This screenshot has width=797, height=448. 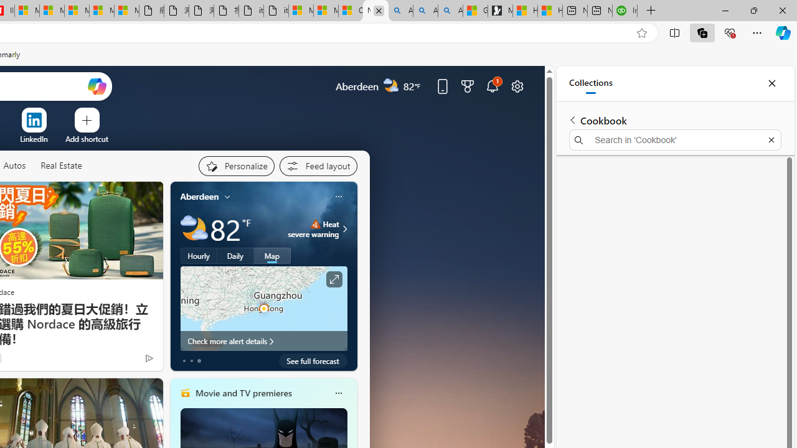 I want to click on 'How to Use a TV as a Computer Monitor', so click(x=549, y=11).